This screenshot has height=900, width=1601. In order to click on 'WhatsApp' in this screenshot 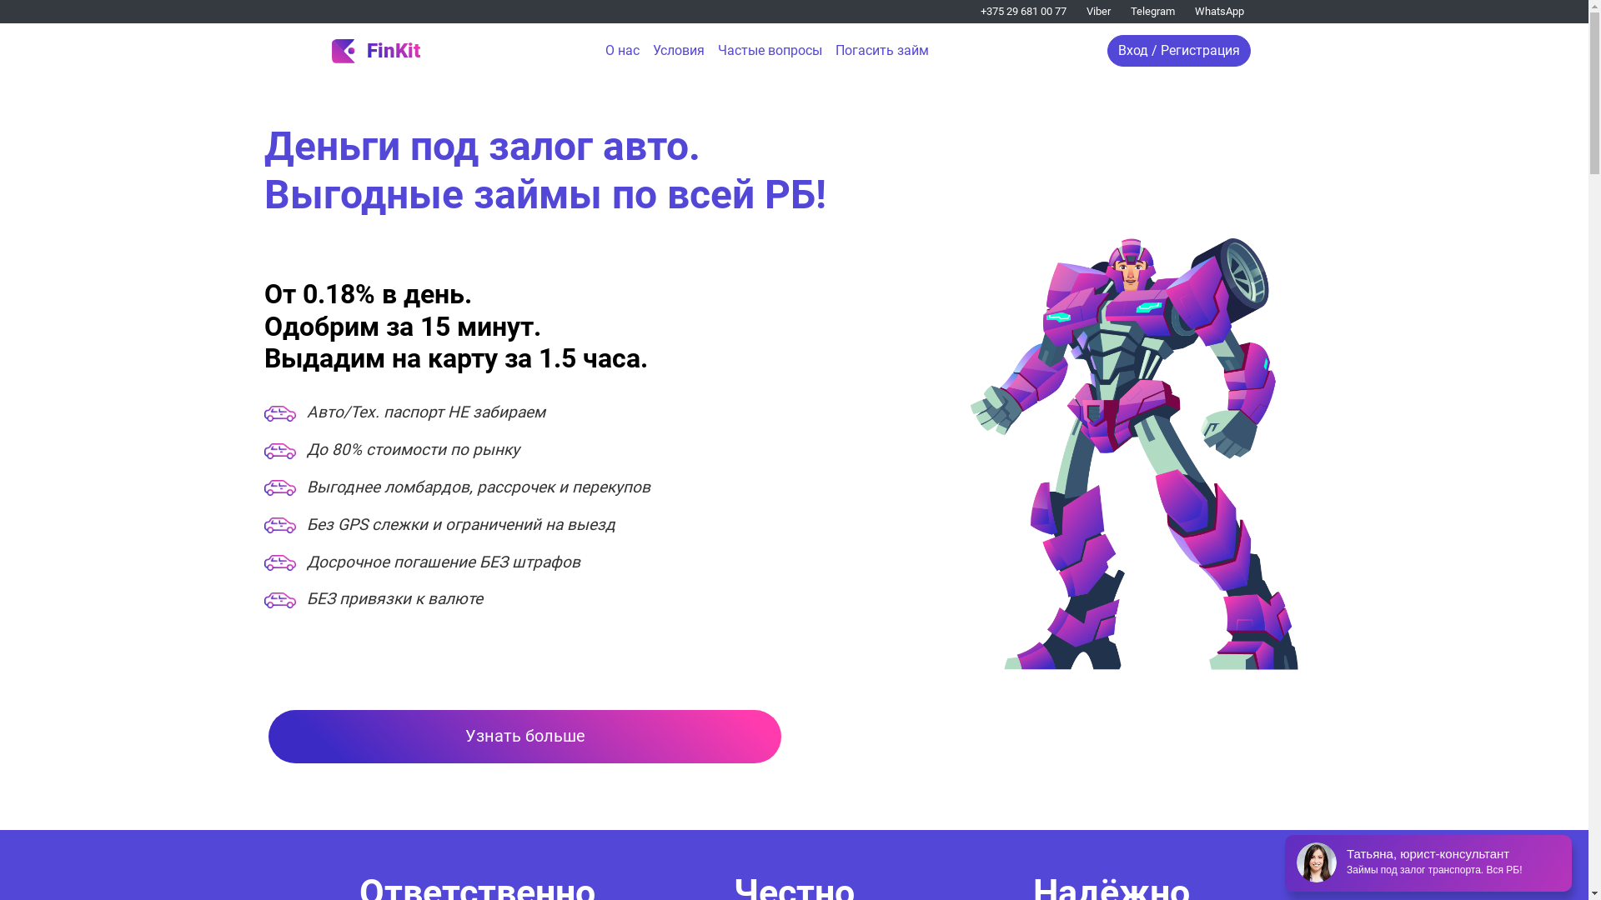, I will do `click(1208, 12)`.